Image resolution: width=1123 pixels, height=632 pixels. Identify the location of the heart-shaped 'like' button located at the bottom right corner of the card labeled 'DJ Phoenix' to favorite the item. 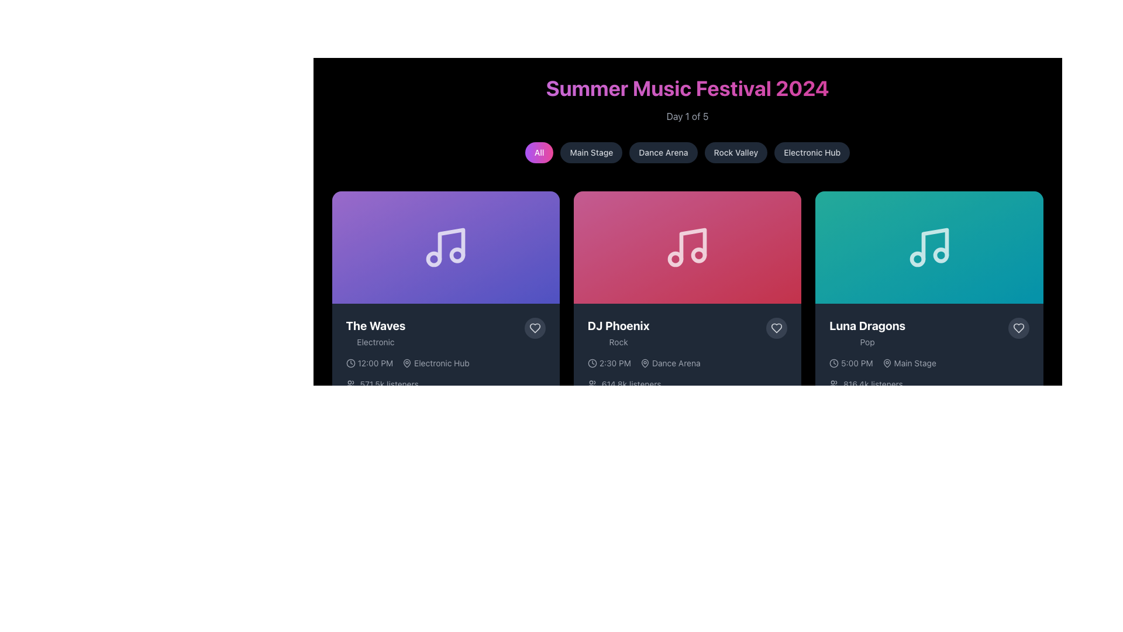
(777, 328).